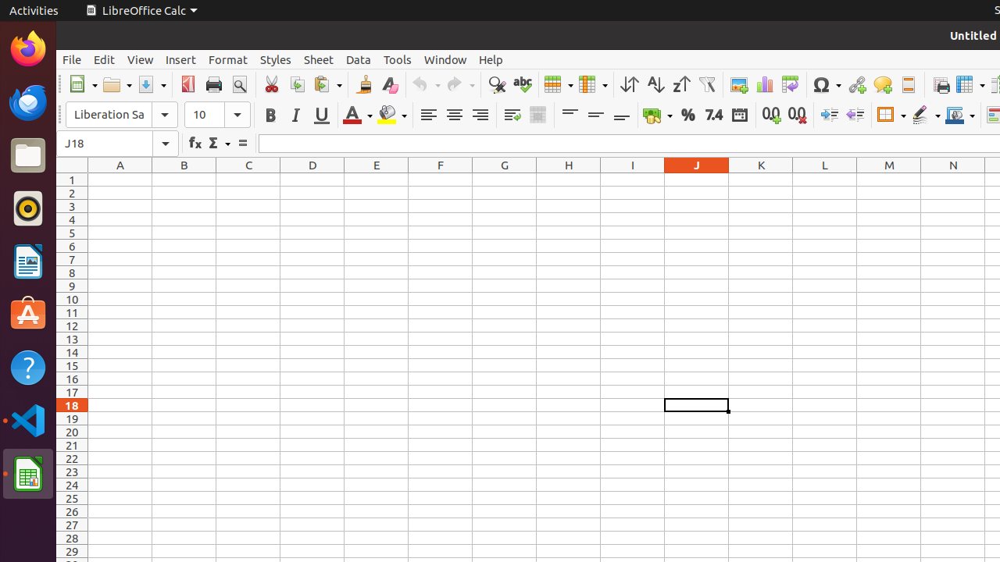 The width and height of the screenshot is (1000, 562). I want to click on 'Align Right', so click(479, 114).